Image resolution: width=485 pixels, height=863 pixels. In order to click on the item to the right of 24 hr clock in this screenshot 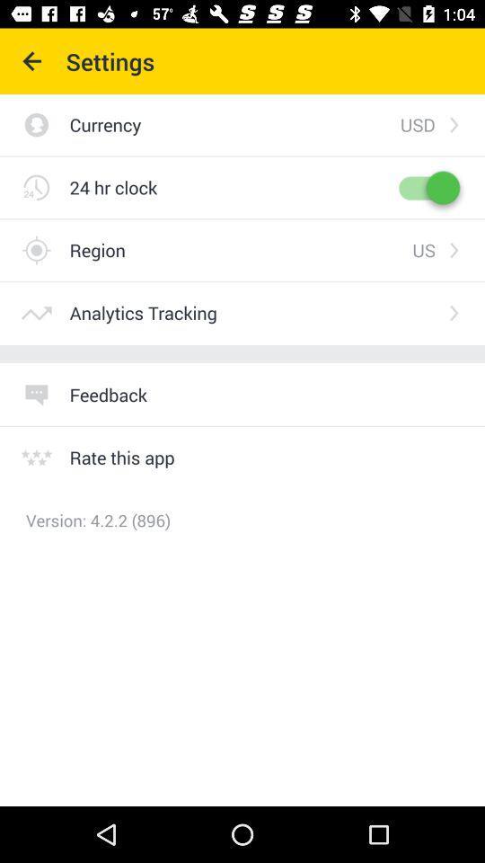, I will do `click(427, 187)`.